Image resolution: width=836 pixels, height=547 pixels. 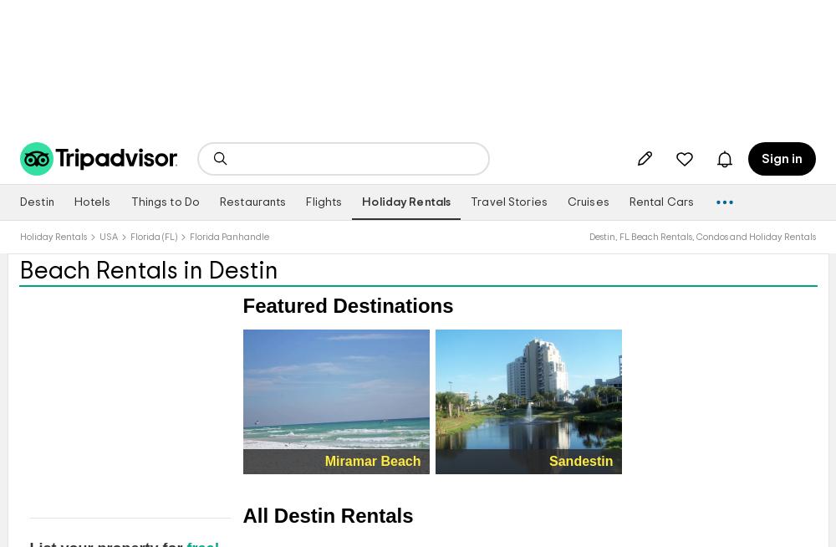 What do you see at coordinates (725, 166) in the screenshot?
I see `'Alerts'` at bounding box center [725, 166].